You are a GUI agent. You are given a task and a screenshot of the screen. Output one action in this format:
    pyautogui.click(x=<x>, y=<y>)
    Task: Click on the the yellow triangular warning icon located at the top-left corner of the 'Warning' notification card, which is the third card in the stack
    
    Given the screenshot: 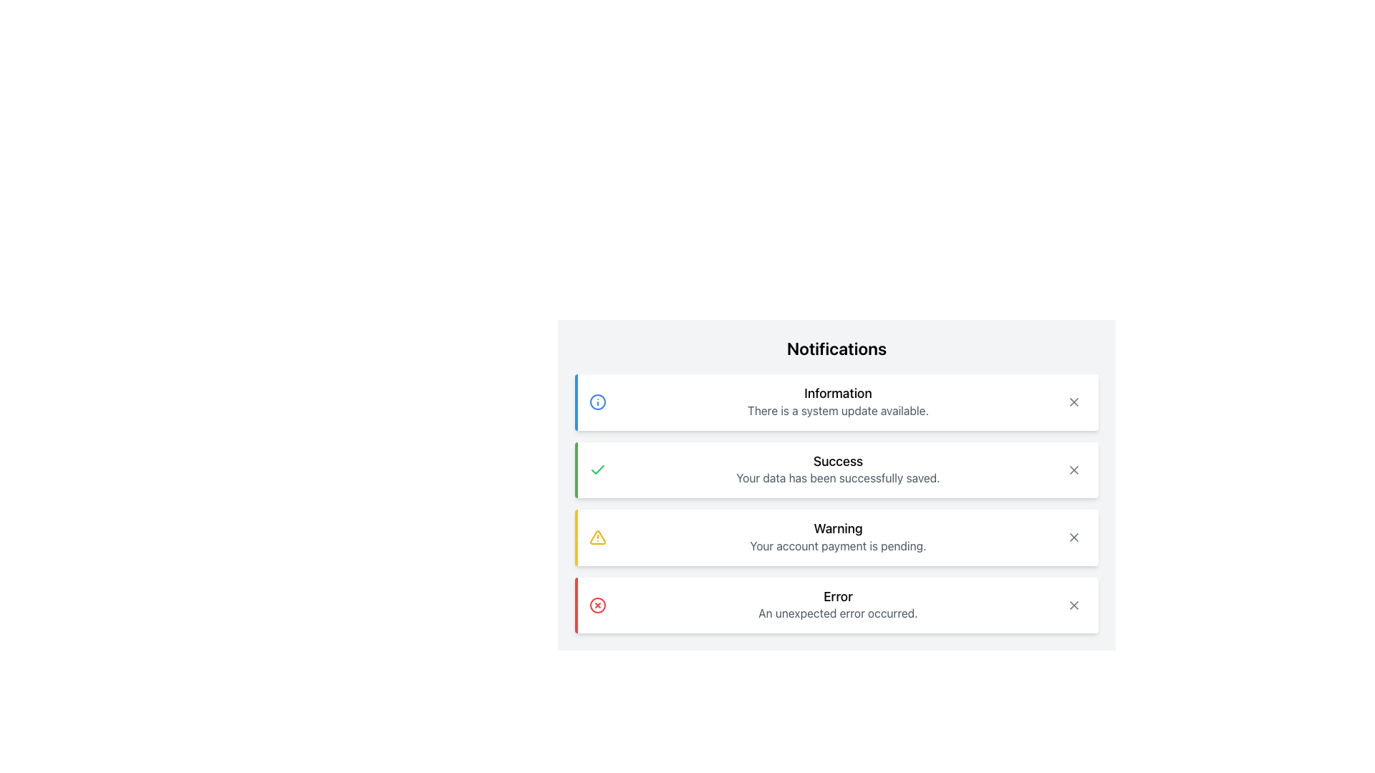 What is the action you would take?
    pyautogui.click(x=598, y=538)
    